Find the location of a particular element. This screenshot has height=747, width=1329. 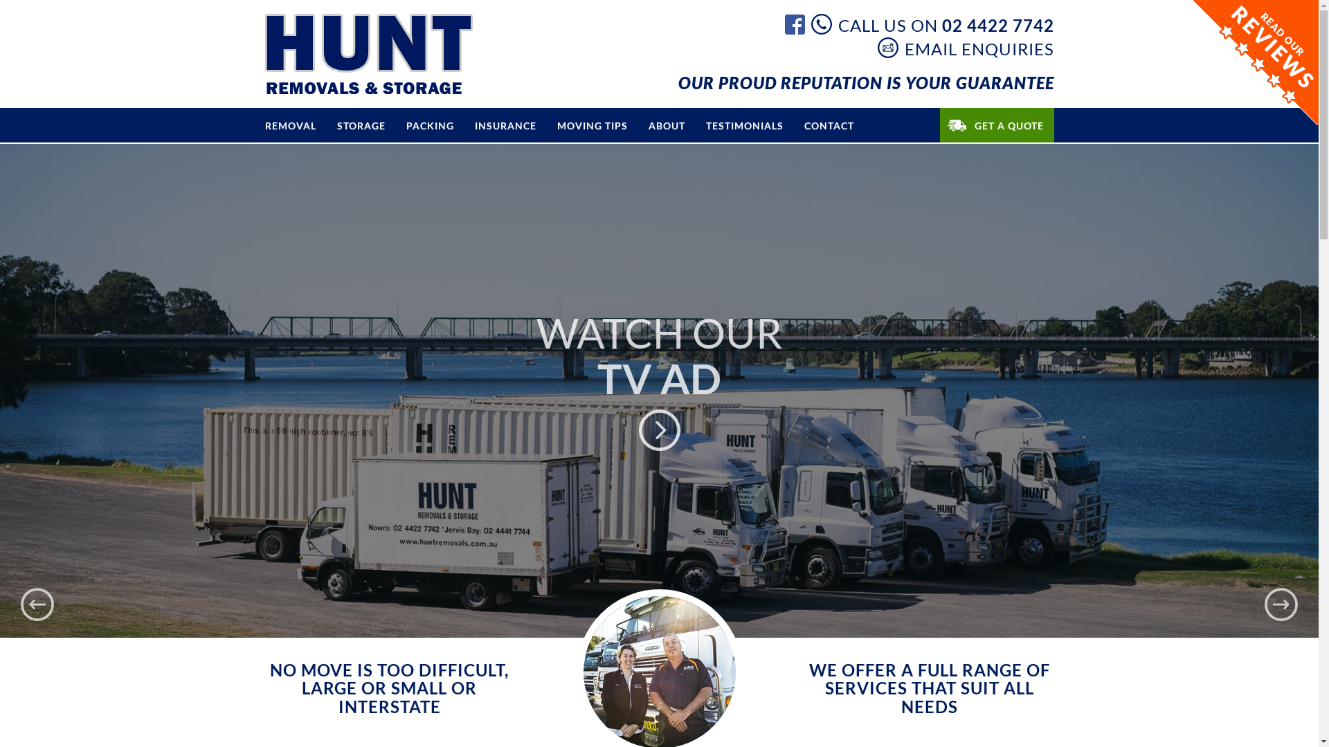

'STORAGE' is located at coordinates (361, 125).